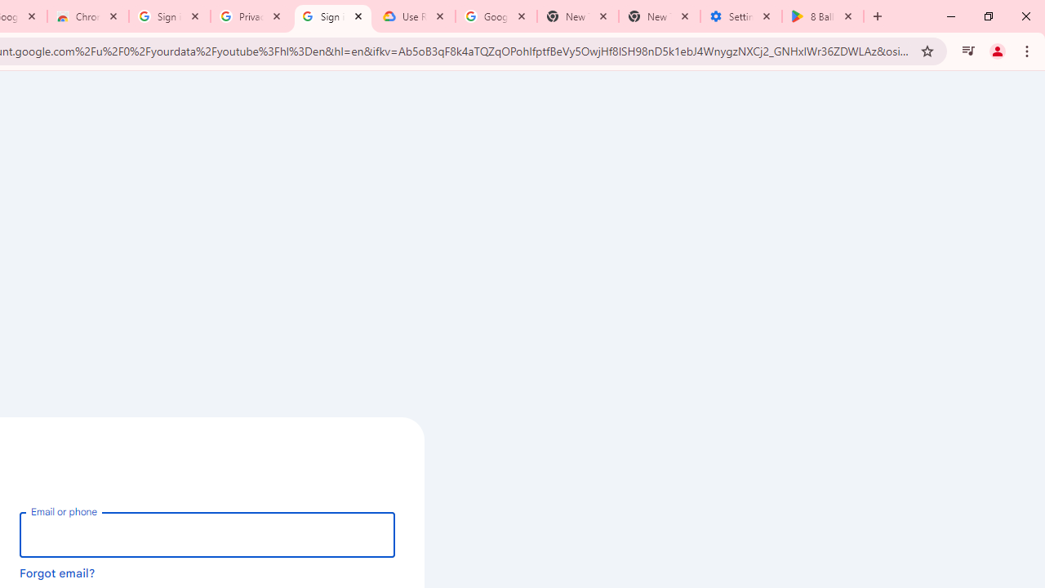 The image size is (1045, 588). Describe the element at coordinates (659, 16) in the screenshot. I see `'New Tab'` at that location.